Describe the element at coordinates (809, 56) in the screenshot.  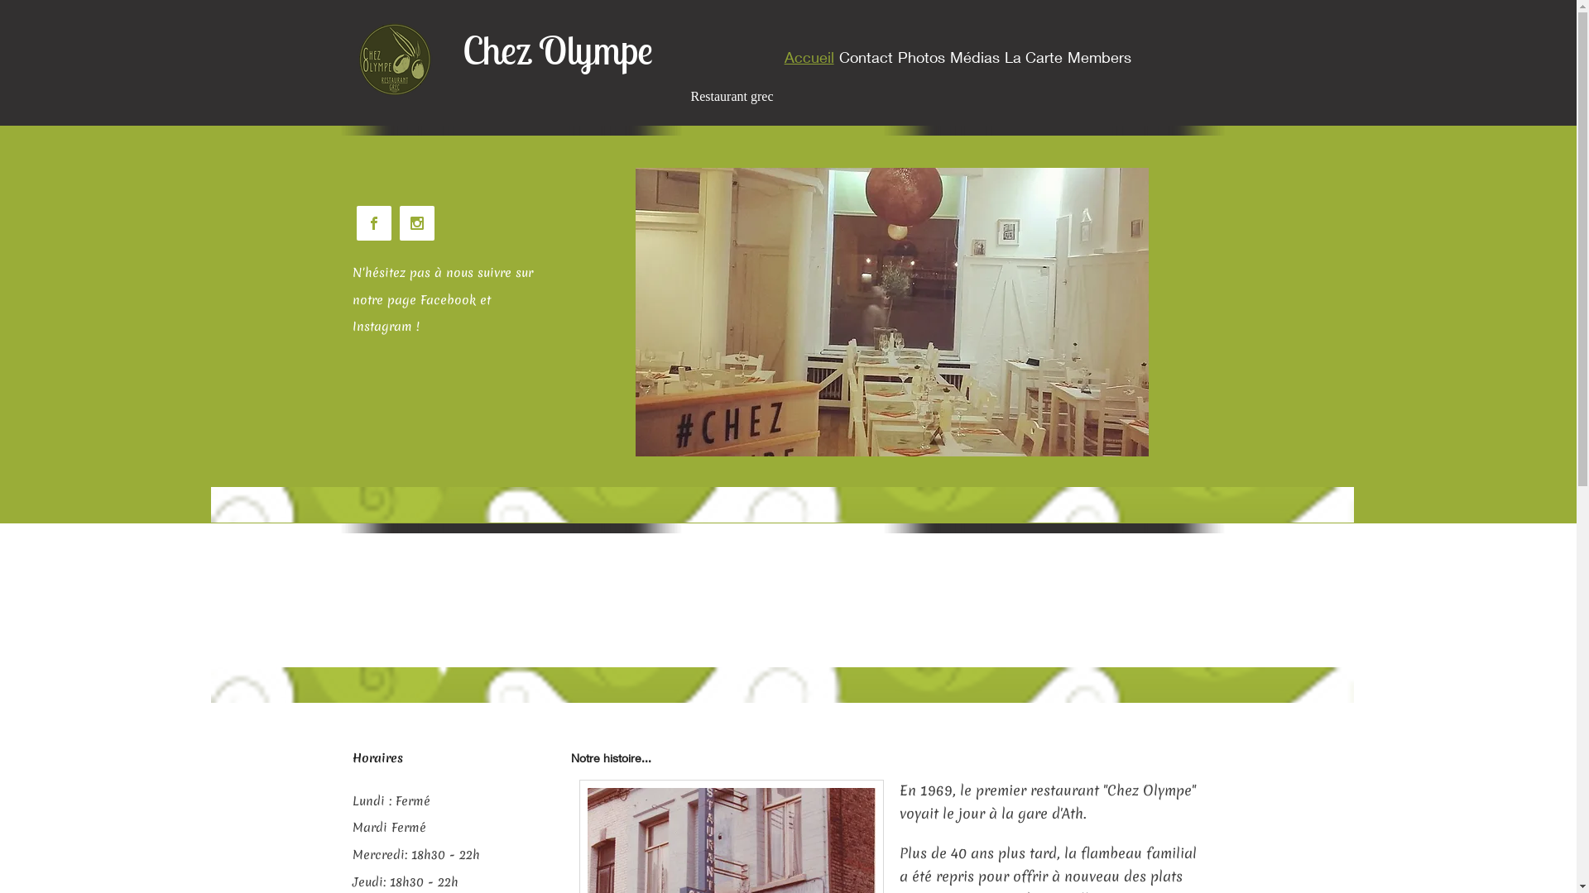
I see `'Accueil'` at that location.